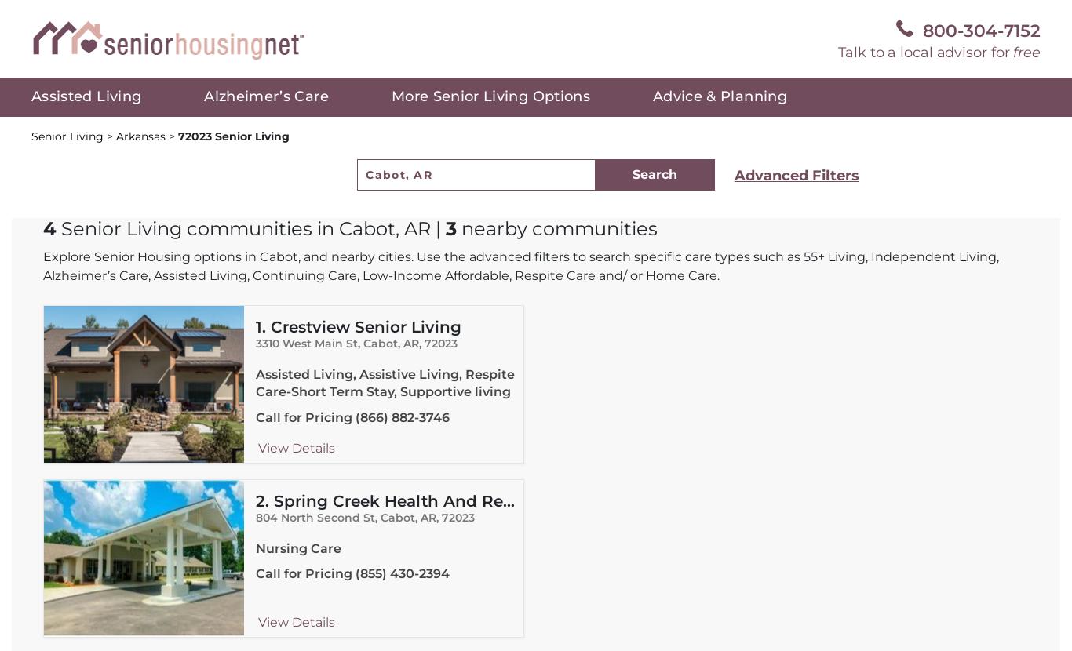 This screenshot has width=1072, height=651. I want to click on 'Talk to a local advisor for', so click(837, 51).